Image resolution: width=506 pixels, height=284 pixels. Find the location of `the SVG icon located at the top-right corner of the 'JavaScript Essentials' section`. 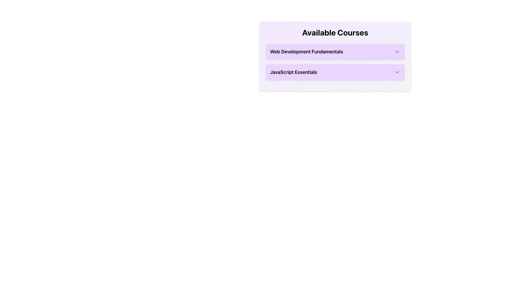

the SVG icon located at the top-right corner of the 'JavaScript Essentials' section is located at coordinates (397, 72).